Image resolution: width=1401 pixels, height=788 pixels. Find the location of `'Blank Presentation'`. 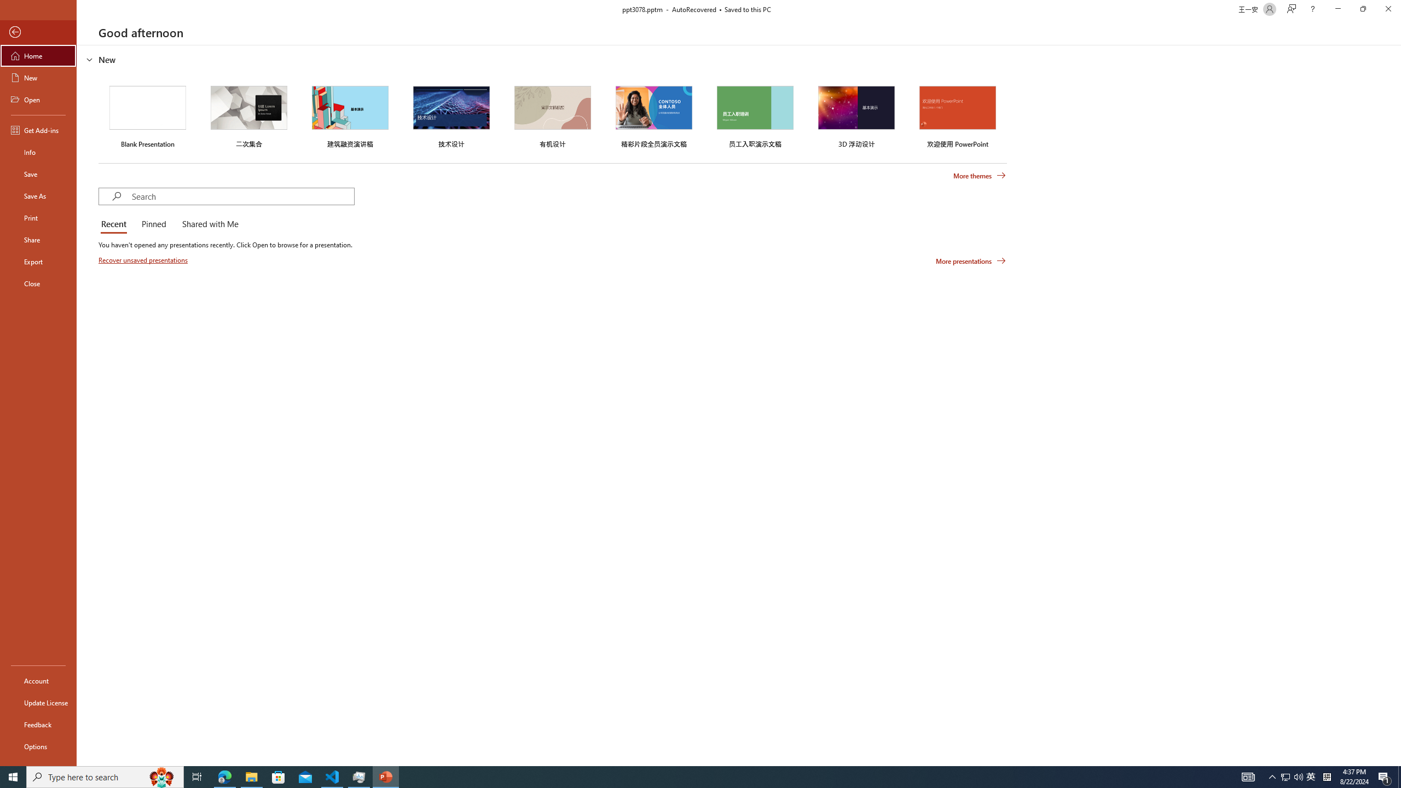

'Blank Presentation' is located at coordinates (147, 115).